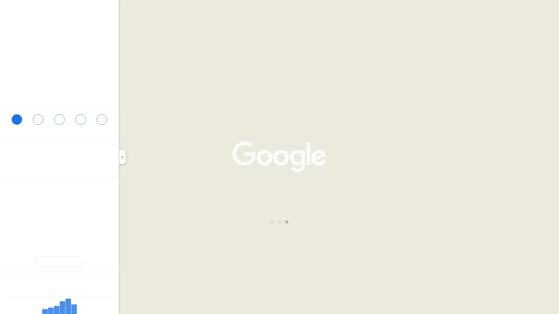  What do you see at coordinates (102, 122) in the screenshot?
I see `Share Every Thing Goes Book Cafe and Neighborhood Stage` at bounding box center [102, 122].